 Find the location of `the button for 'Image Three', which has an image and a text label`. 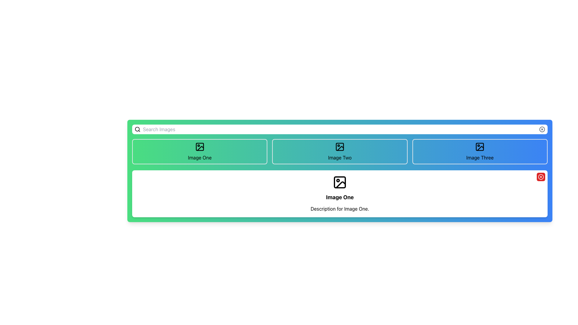

the button for 'Image Three', which has an image and a text label is located at coordinates (479, 151).